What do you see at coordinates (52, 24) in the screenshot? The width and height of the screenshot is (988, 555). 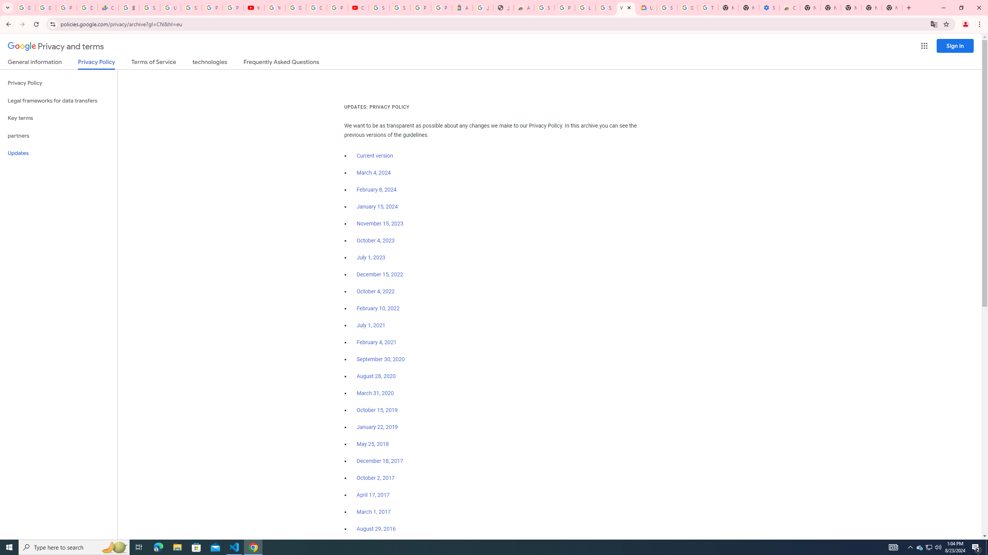 I see `'View site information'` at bounding box center [52, 24].